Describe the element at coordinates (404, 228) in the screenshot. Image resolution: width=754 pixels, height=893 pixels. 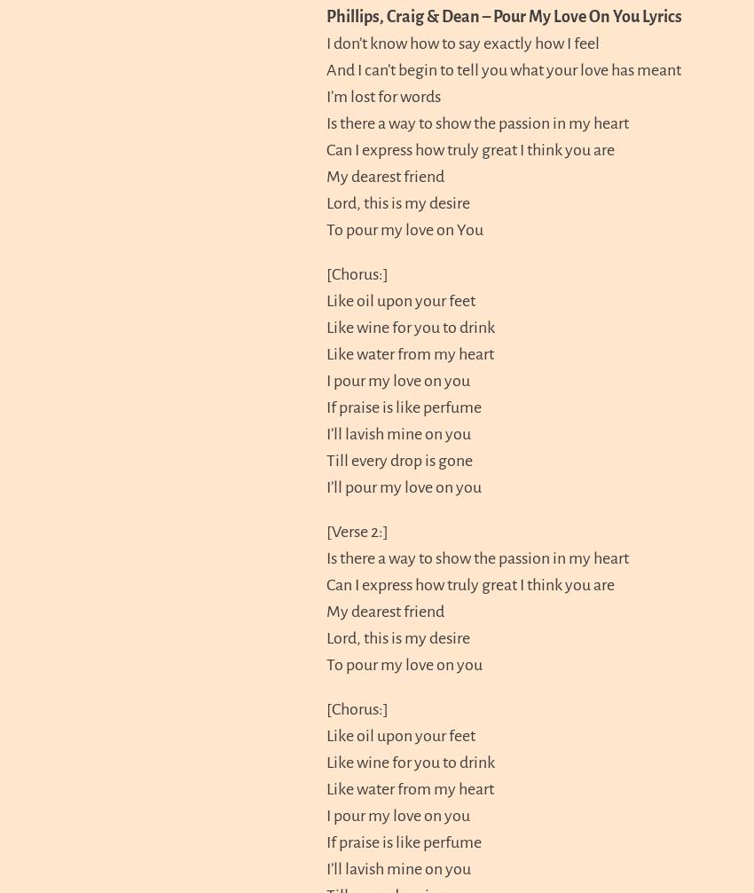
I see `'To pour my love on You'` at that location.